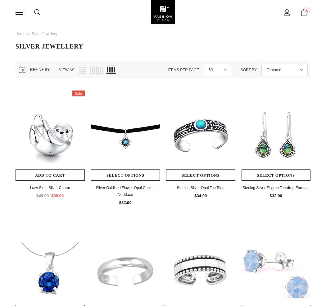 Image resolution: width=326 pixels, height=306 pixels. Describe the element at coordinates (50, 175) in the screenshot. I see `'Add to Cart'` at that location.